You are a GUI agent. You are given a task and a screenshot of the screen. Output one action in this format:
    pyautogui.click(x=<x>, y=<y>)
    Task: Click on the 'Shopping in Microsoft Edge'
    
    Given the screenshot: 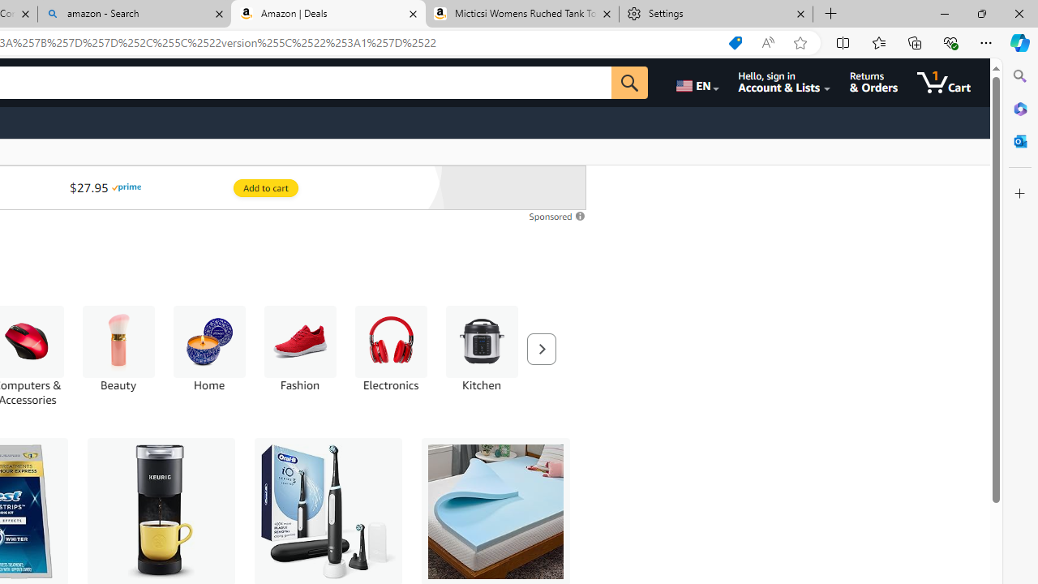 What is the action you would take?
    pyautogui.click(x=734, y=42)
    